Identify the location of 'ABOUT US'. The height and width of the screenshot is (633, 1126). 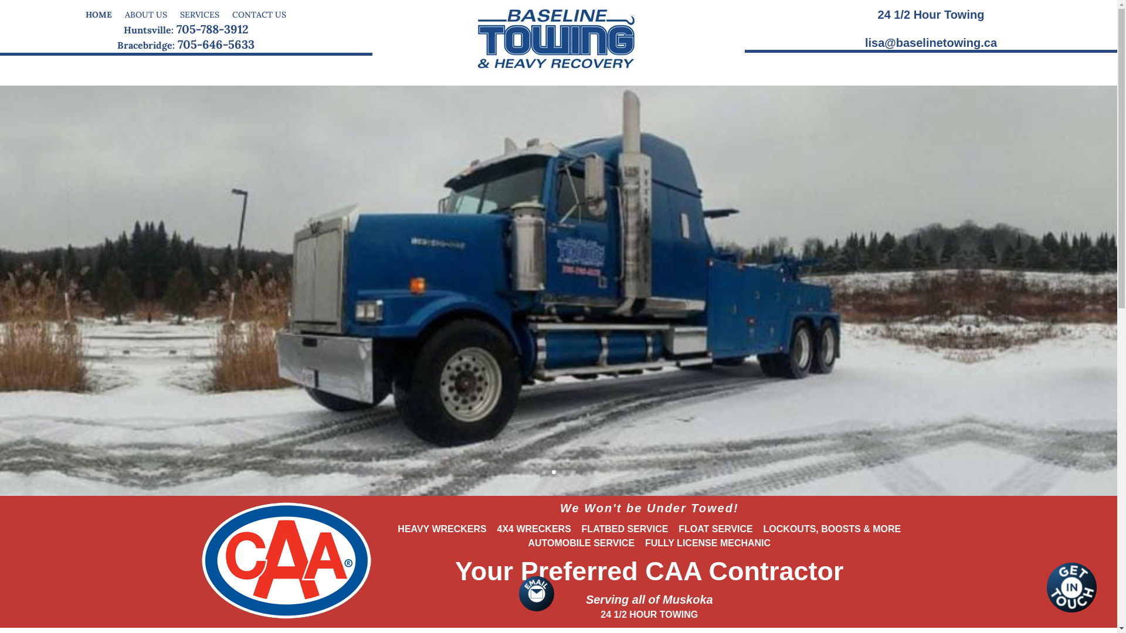
(145, 11).